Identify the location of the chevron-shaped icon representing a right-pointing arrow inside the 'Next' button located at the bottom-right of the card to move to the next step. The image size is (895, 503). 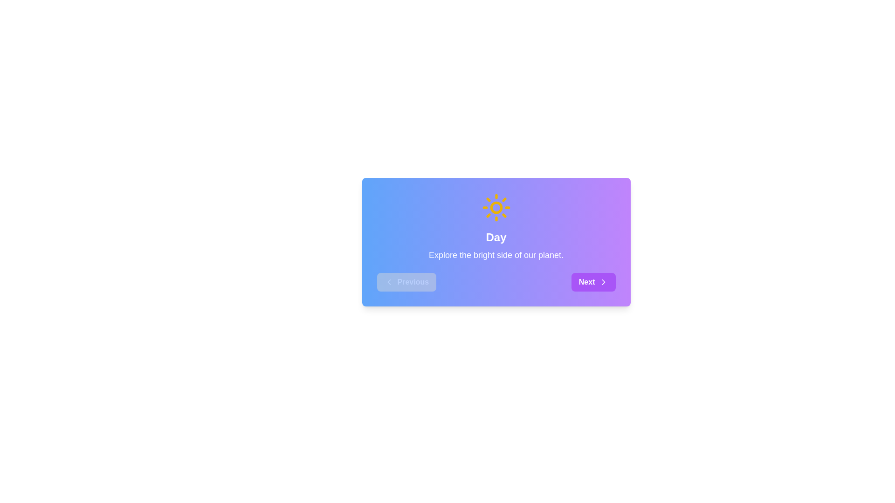
(603, 281).